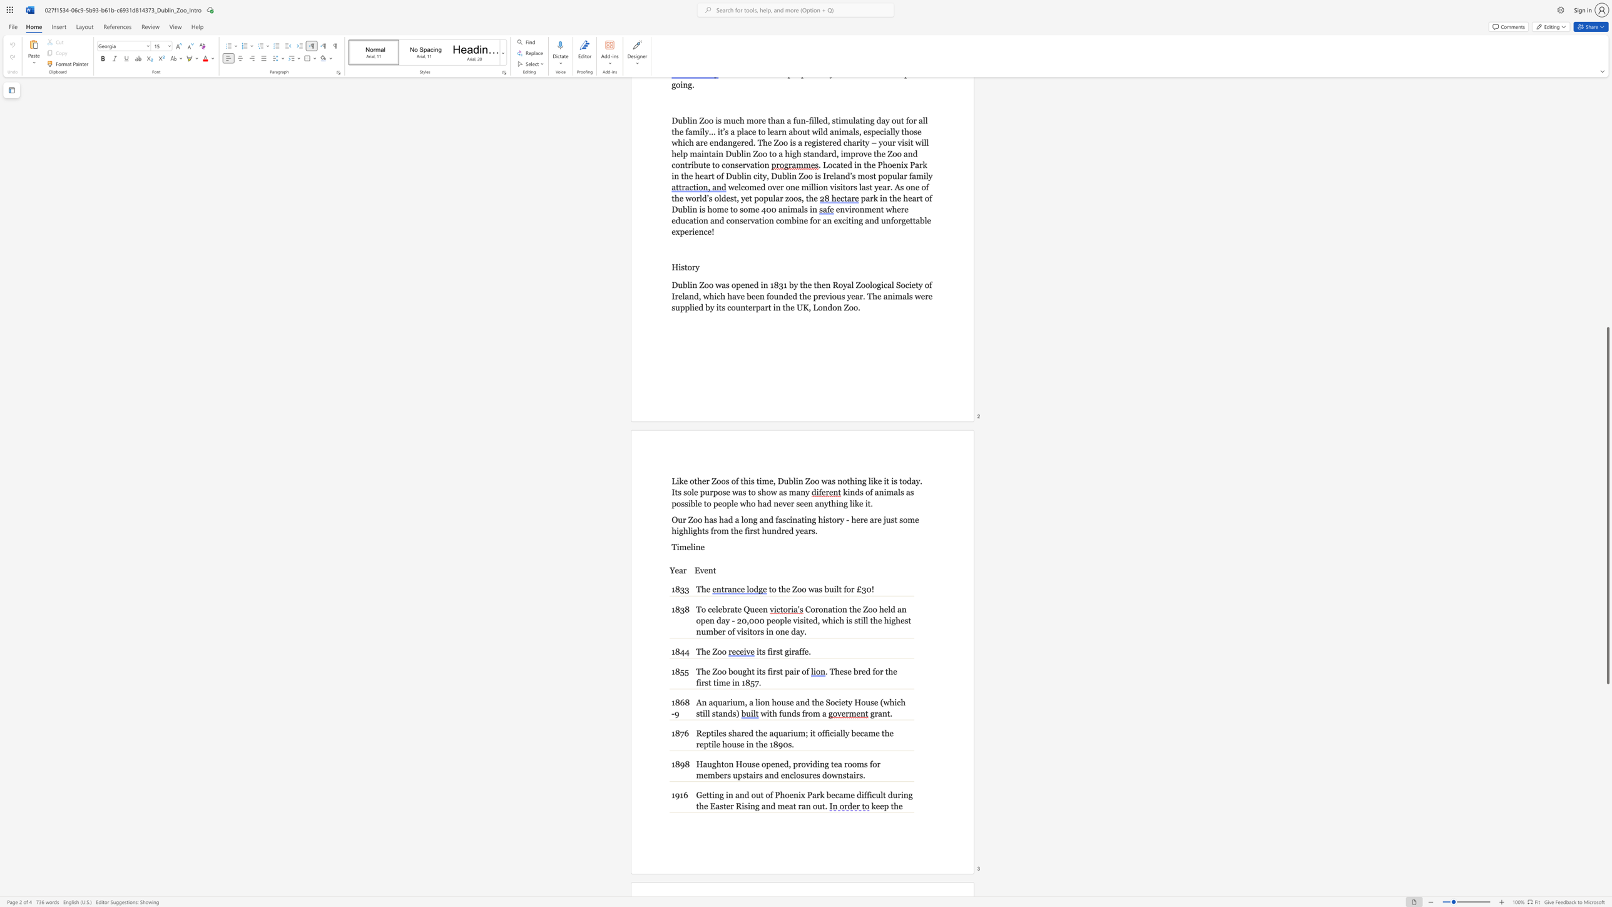  I want to click on the subset text "and the Society H" within the text "and the Society House (which still stands)", so click(795, 702).